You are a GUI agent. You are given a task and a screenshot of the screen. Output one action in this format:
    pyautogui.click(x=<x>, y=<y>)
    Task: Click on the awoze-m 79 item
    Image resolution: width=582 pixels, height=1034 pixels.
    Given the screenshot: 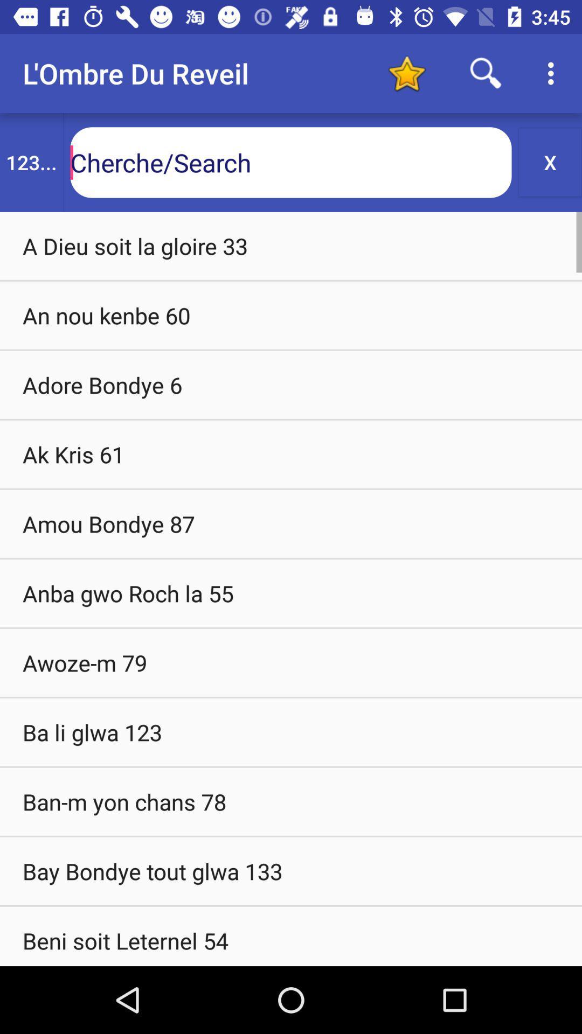 What is the action you would take?
    pyautogui.click(x=291, y=662)
    